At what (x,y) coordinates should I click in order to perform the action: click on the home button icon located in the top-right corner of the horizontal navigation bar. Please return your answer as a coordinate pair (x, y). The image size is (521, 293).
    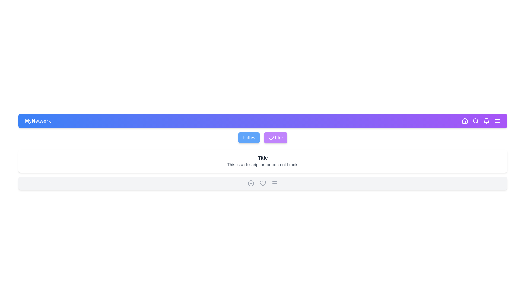
    Looking at the image, I should click on (465, 121).